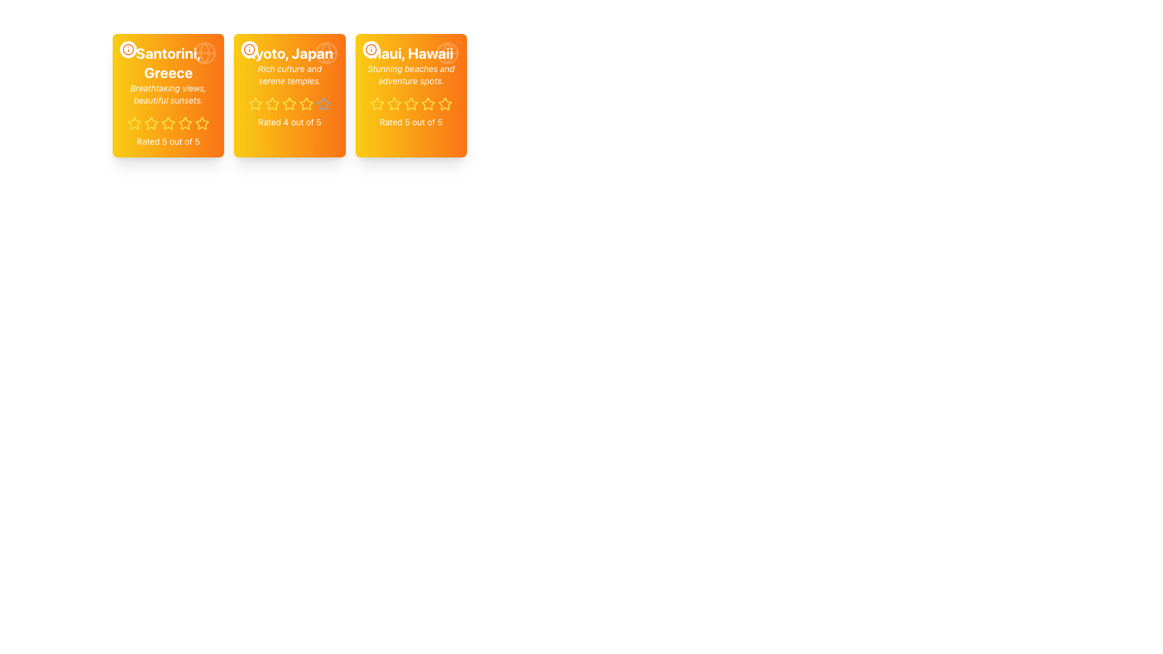 This screenshot has width=1163, height=654. What do you see at coordinates (272, 104) in the screenshot?
I see `the third rating star icon (filled yellow star) in the rating component of the middle card for 'Kyoto, Japan'` at bounding box center [272, 104].